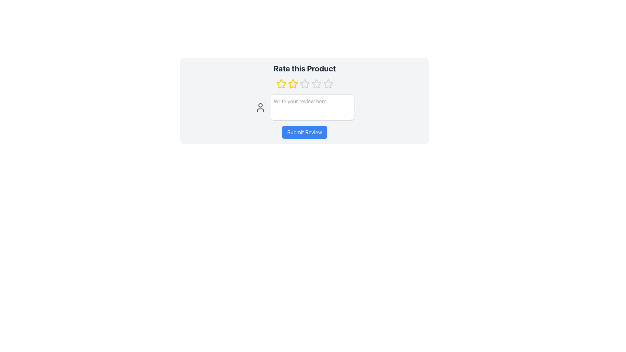  I want to click on the first yellow star icon in the rating section, so click(281, 84).